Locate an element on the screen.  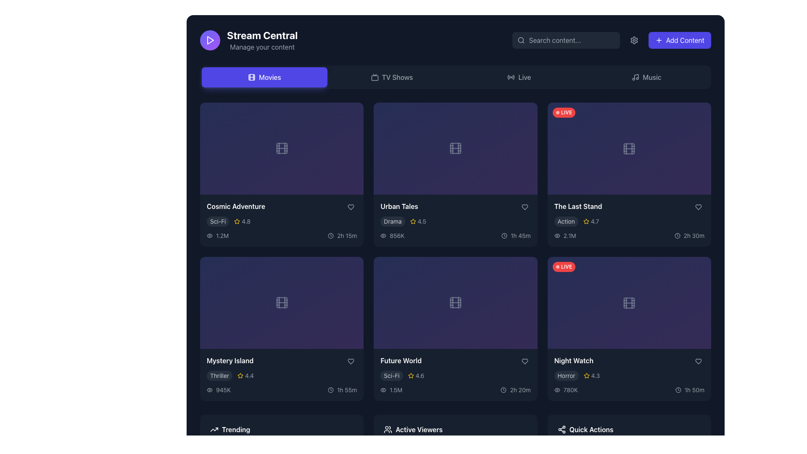
the filmstrip icon located centrally within the 'Future World' card in the second row and third column of the grid layout is located at coordinates (455, 303).